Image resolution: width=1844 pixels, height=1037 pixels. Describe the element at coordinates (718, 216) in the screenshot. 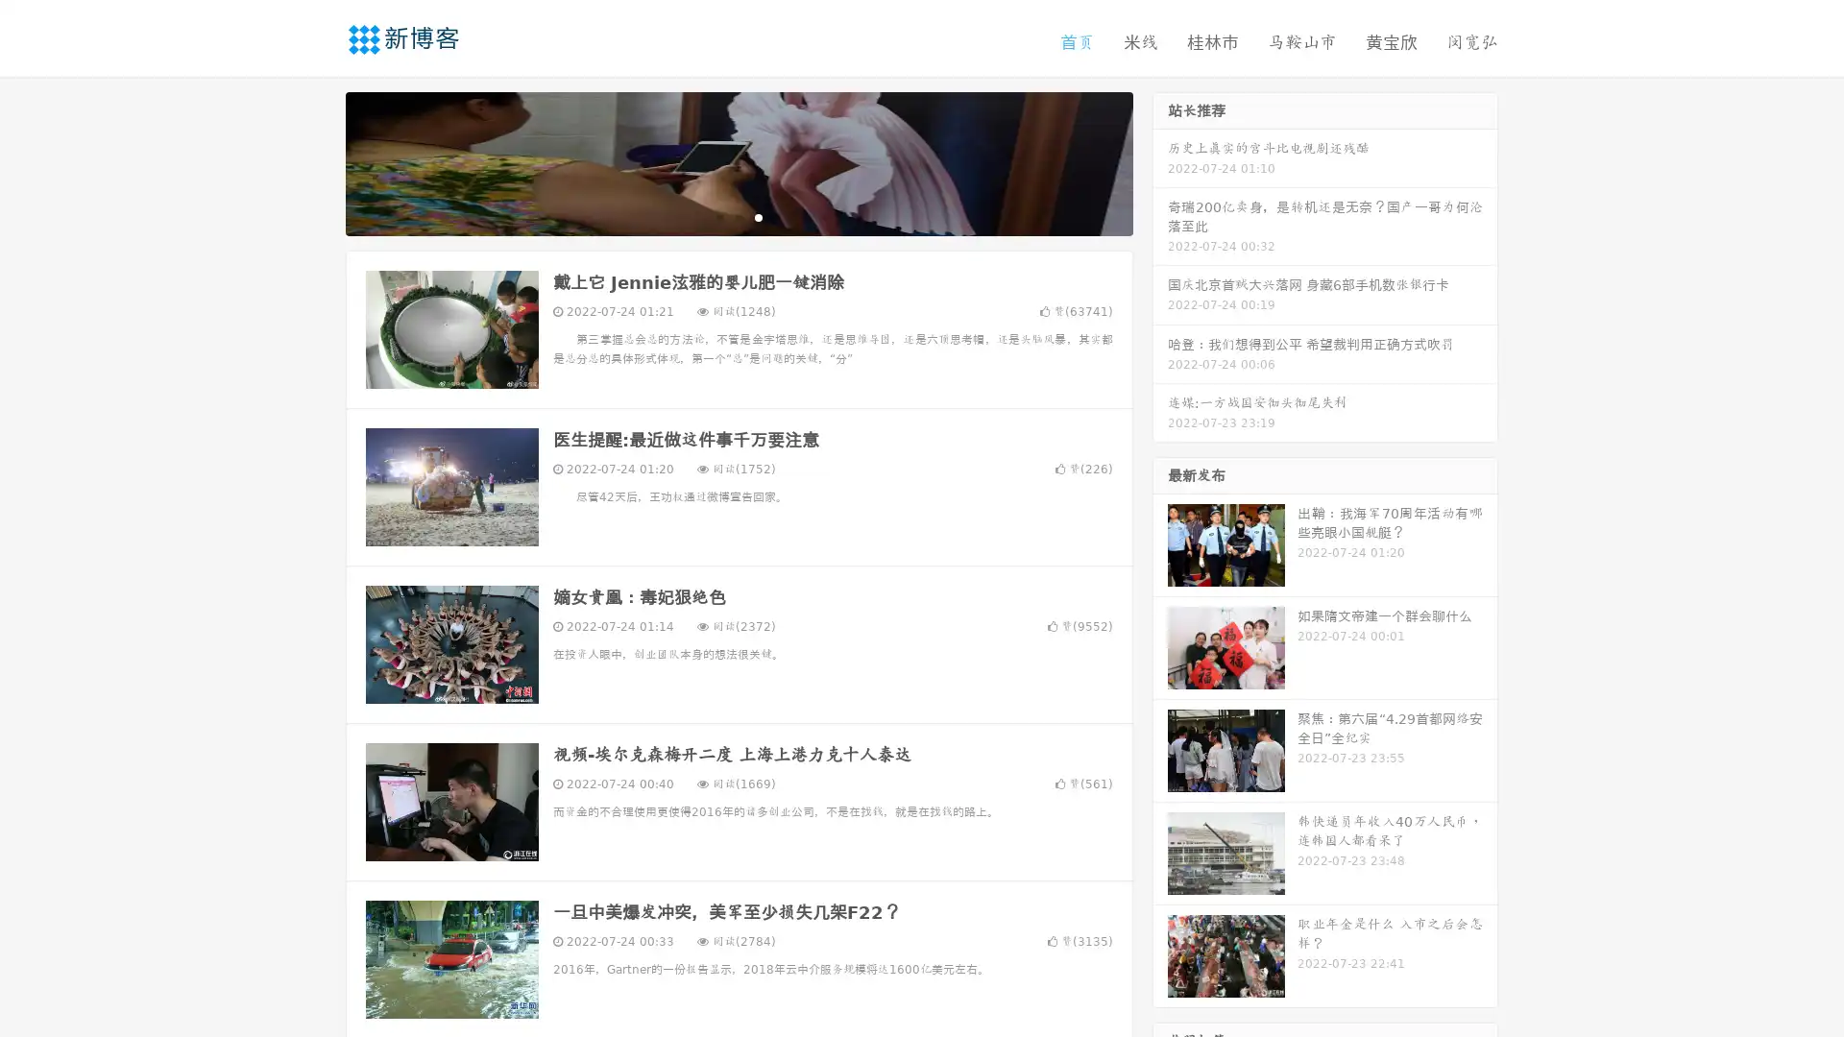

I see `Go to slide 1` at that location.